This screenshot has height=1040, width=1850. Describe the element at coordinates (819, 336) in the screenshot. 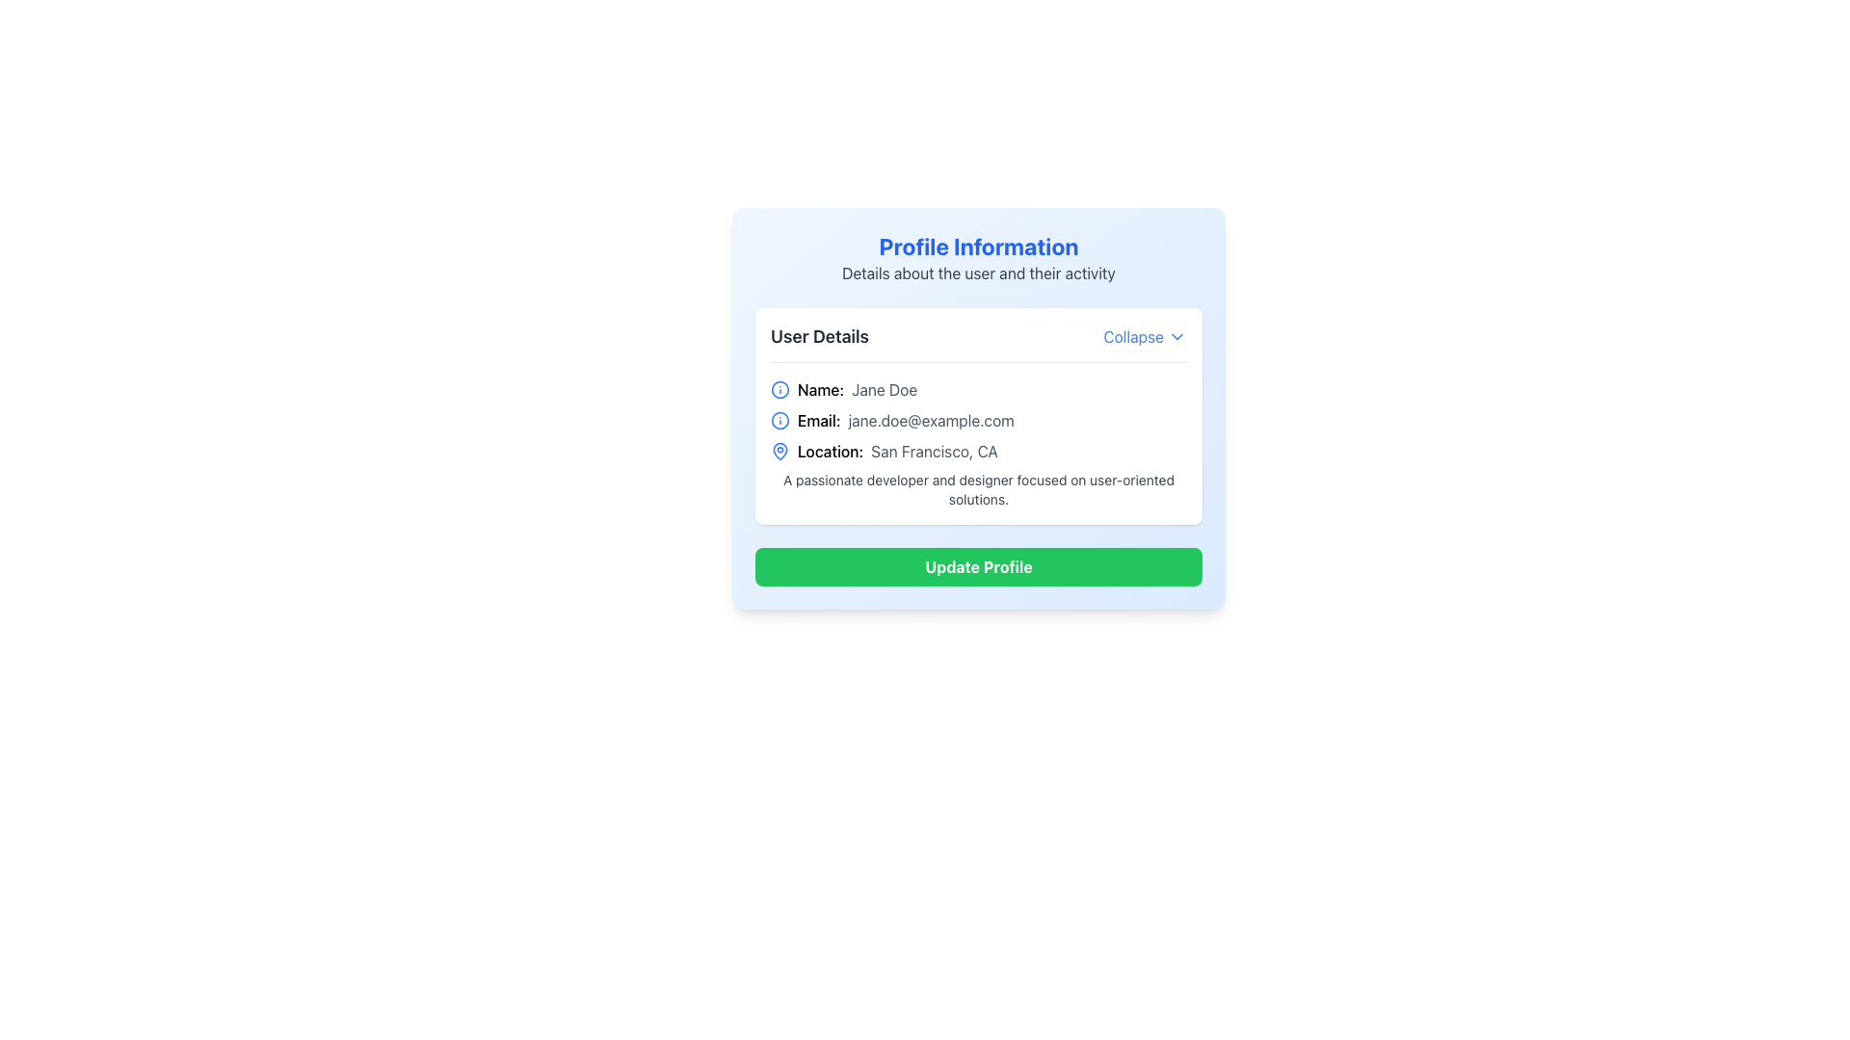

I see `the 'User Details' Text Label element, which is a bold, dark font label located in the header section of the card, positioned to the left of the 'Collapse' link` at that location.